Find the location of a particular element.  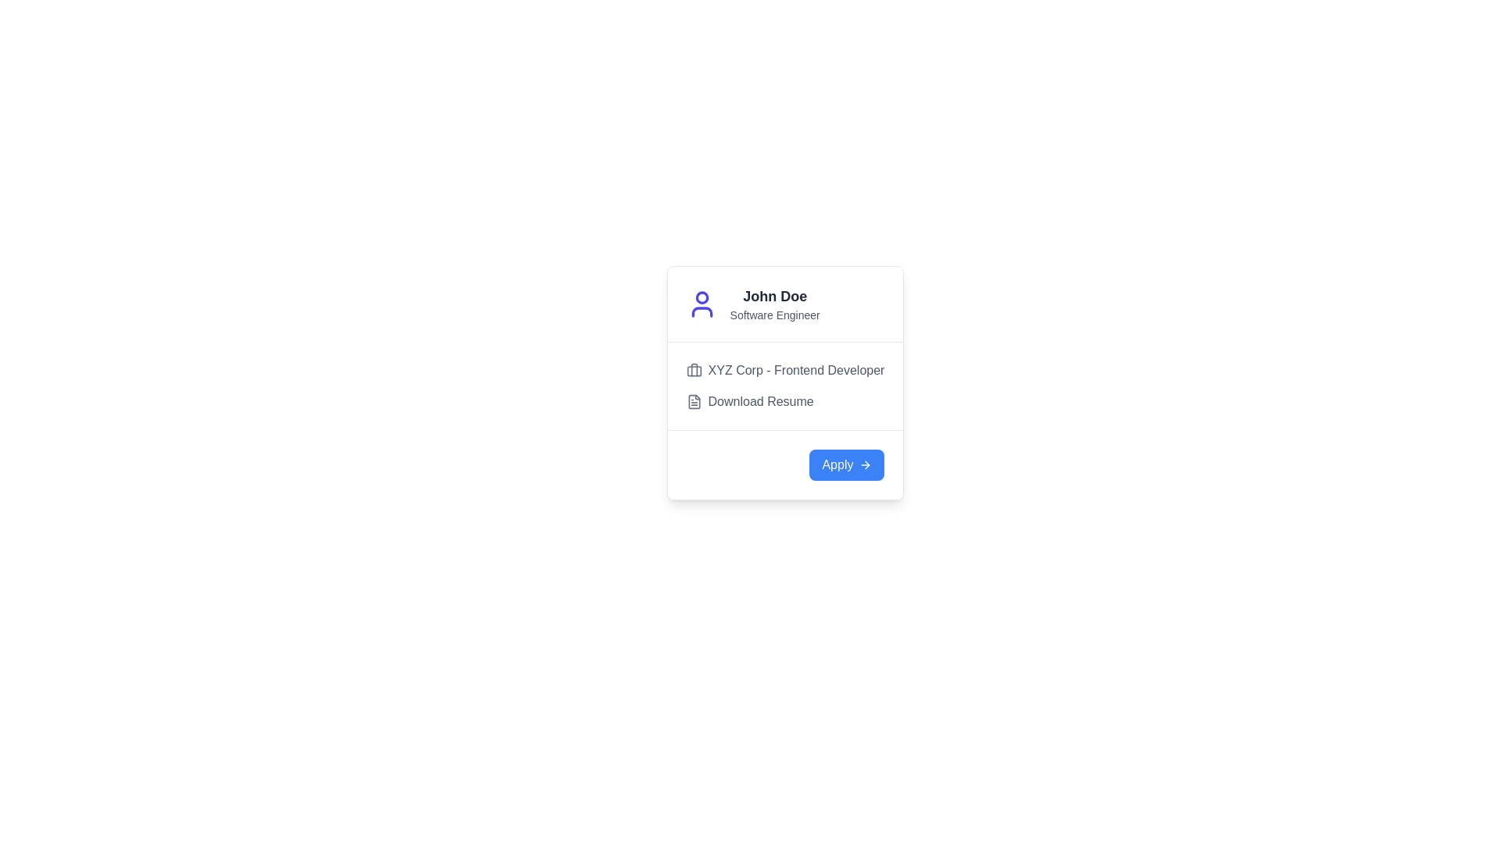

the briefcase icon representing the job listing for 'XYZ Corp - Frontend Developer' is located at coordinates (693, 370).